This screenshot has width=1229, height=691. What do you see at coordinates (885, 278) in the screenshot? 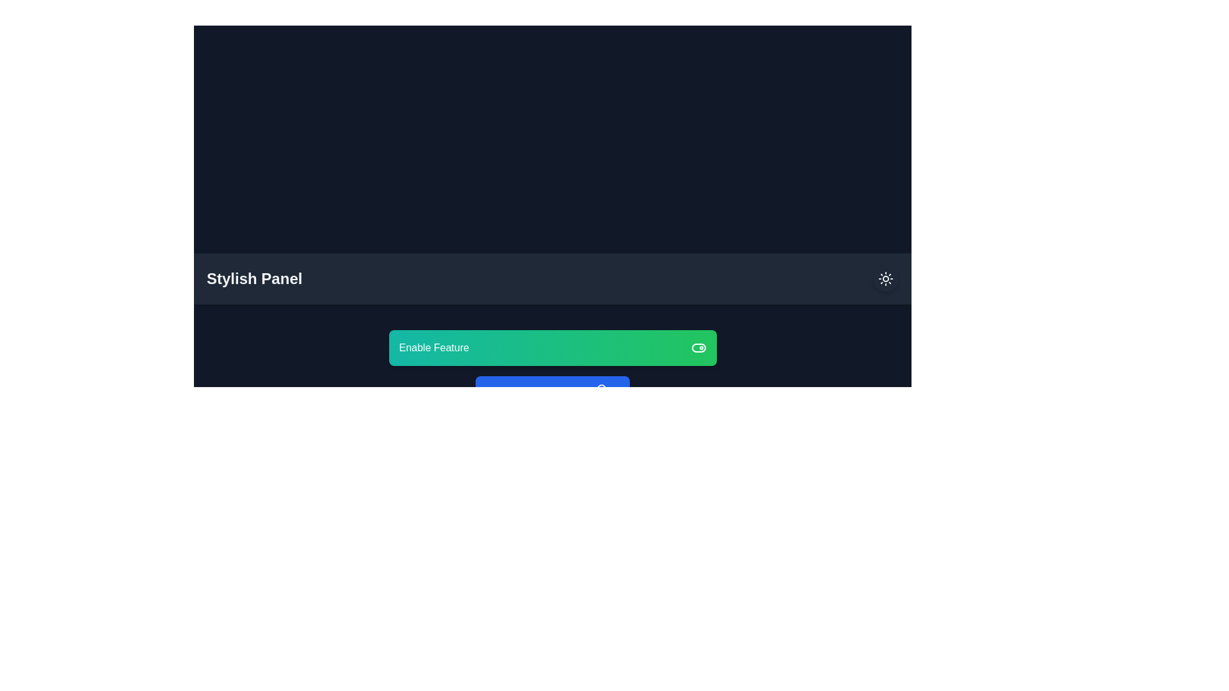
I see `the sun icon located at the top-right corner of the dark overlay panel` at bounding box center [885, 278].